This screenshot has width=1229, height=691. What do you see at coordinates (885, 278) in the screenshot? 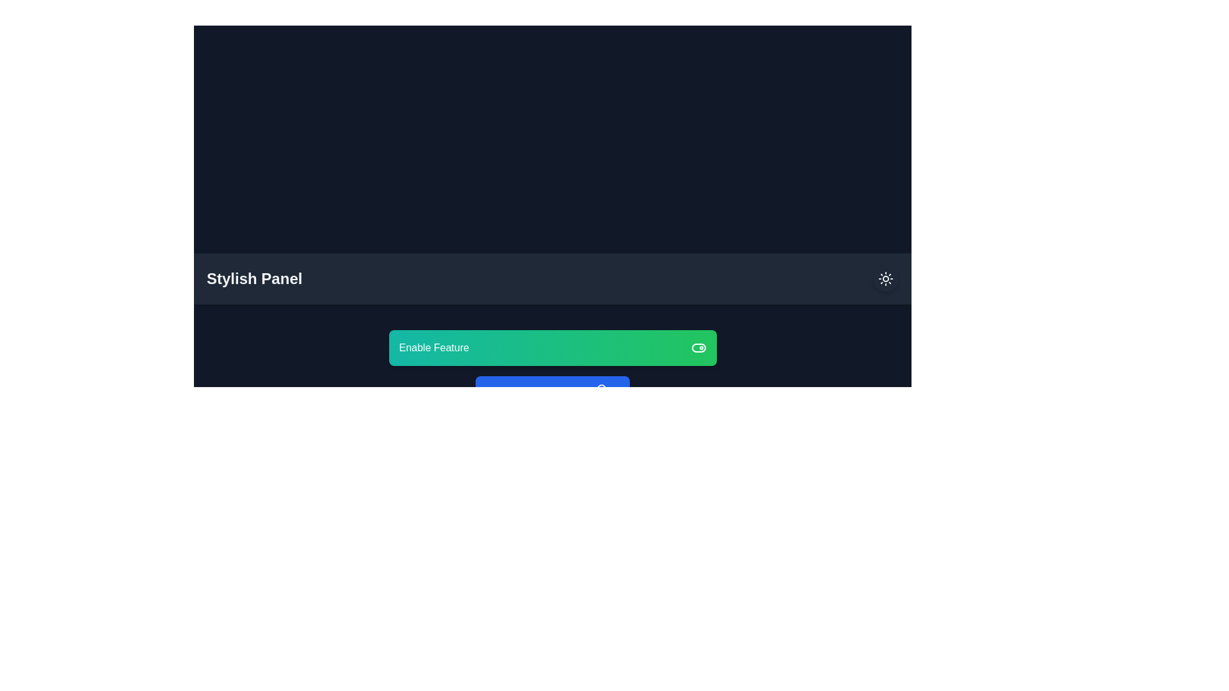
I see `the sun icon located at the top-right corner of the dark overlay panel` at bounding box center [885, 278].